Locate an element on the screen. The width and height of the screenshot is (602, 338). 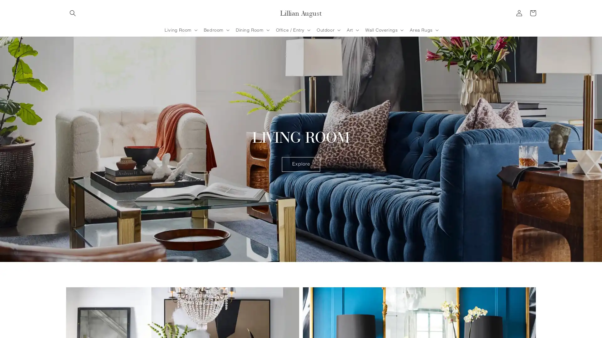
Living Room is located at coordinates (180, 30).